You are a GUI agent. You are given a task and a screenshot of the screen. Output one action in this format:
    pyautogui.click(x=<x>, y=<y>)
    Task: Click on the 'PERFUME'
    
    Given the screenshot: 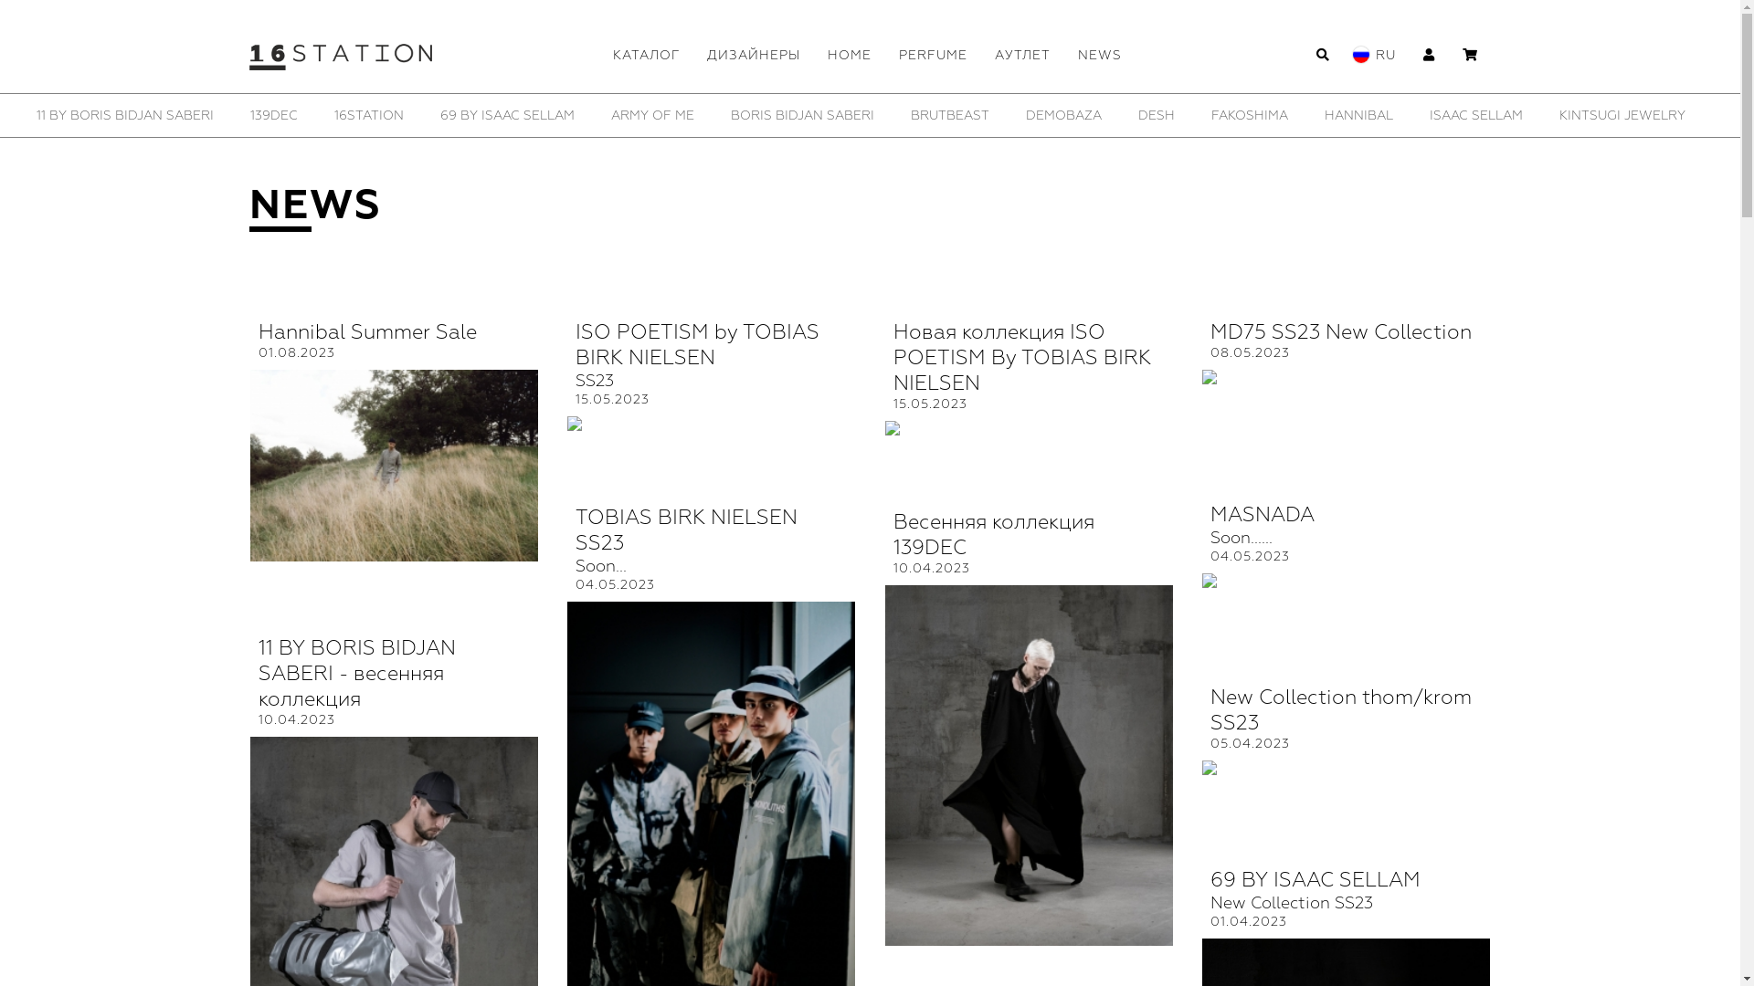 What is the action you would take?
    pyautogui.click(x=884, y=54)
    